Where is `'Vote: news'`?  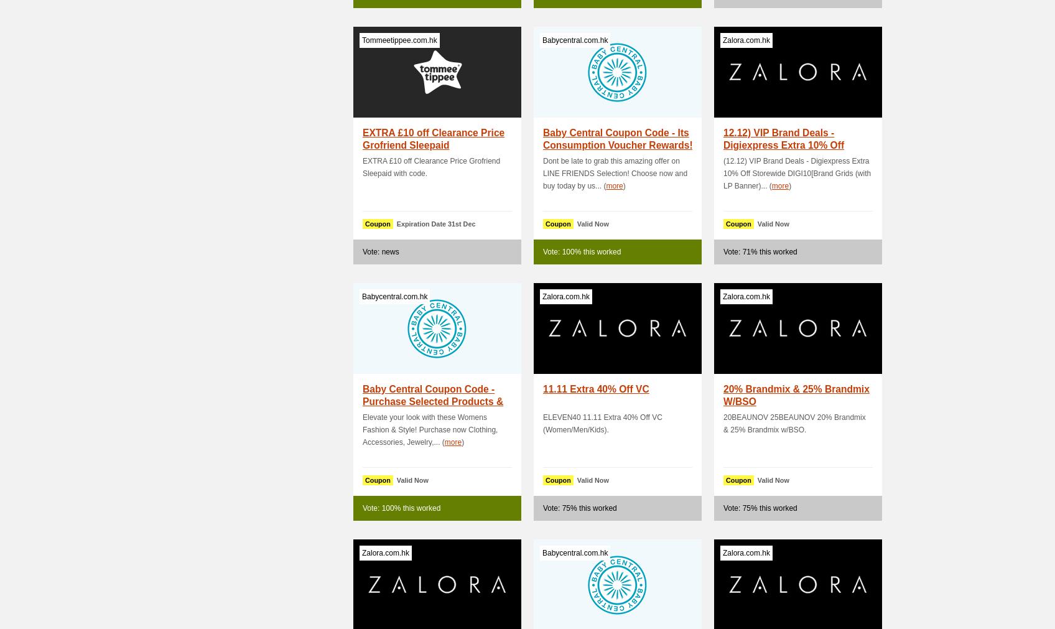 'Vote: news' is located at coordinates (380, 251).